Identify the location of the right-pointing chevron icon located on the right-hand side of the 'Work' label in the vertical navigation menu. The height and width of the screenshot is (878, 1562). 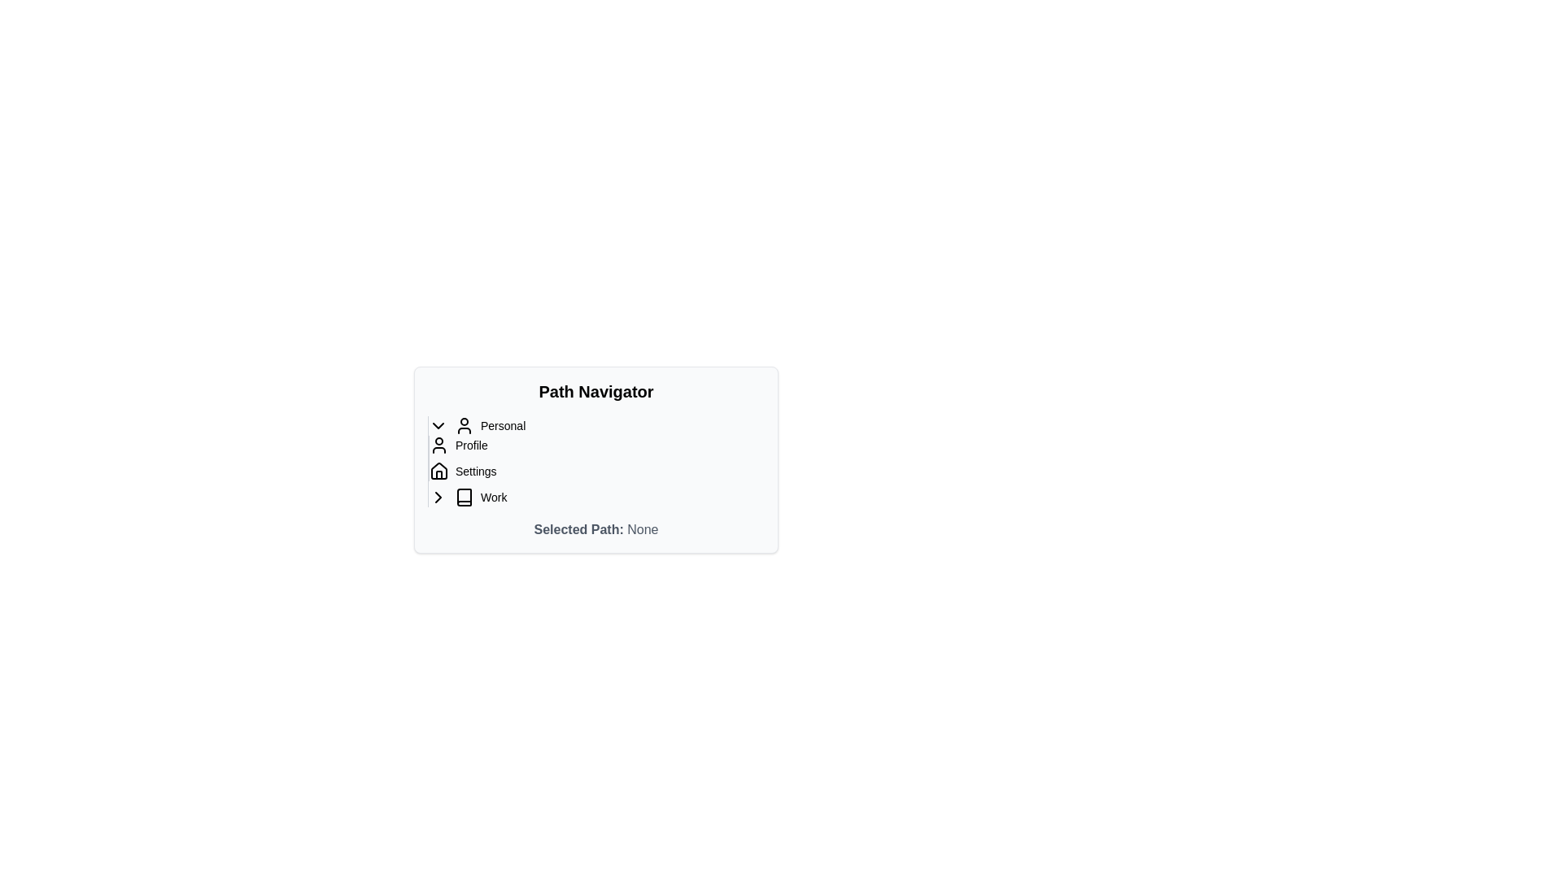
(438, 497).